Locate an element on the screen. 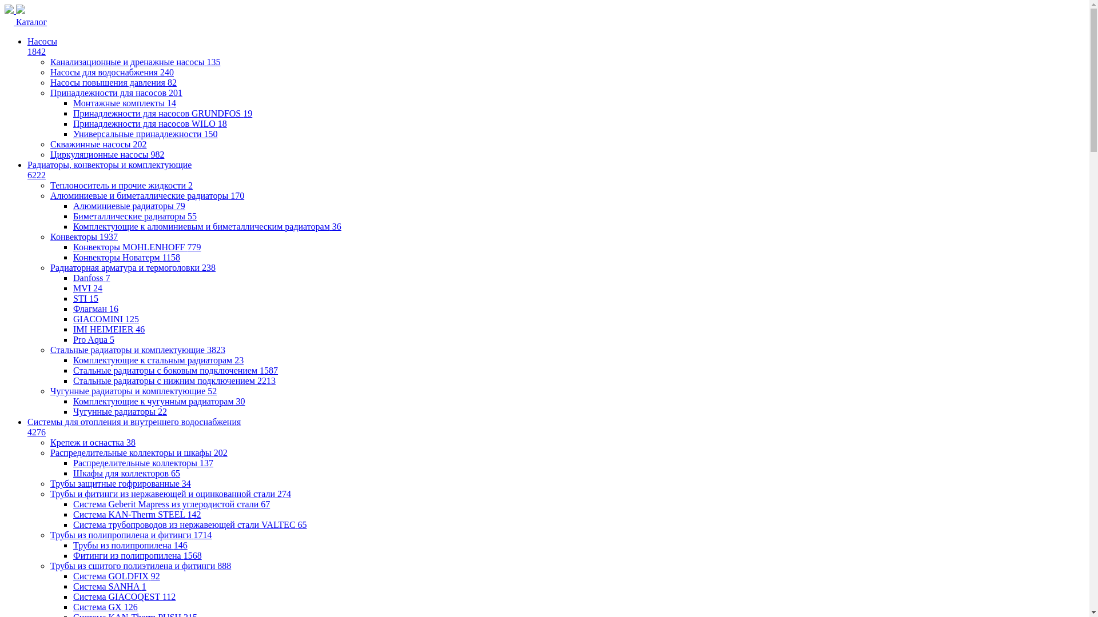 The height and width of the screenshot is (617, 1098). 'GIACOMINI 125' is located at coordinates (106, 319).